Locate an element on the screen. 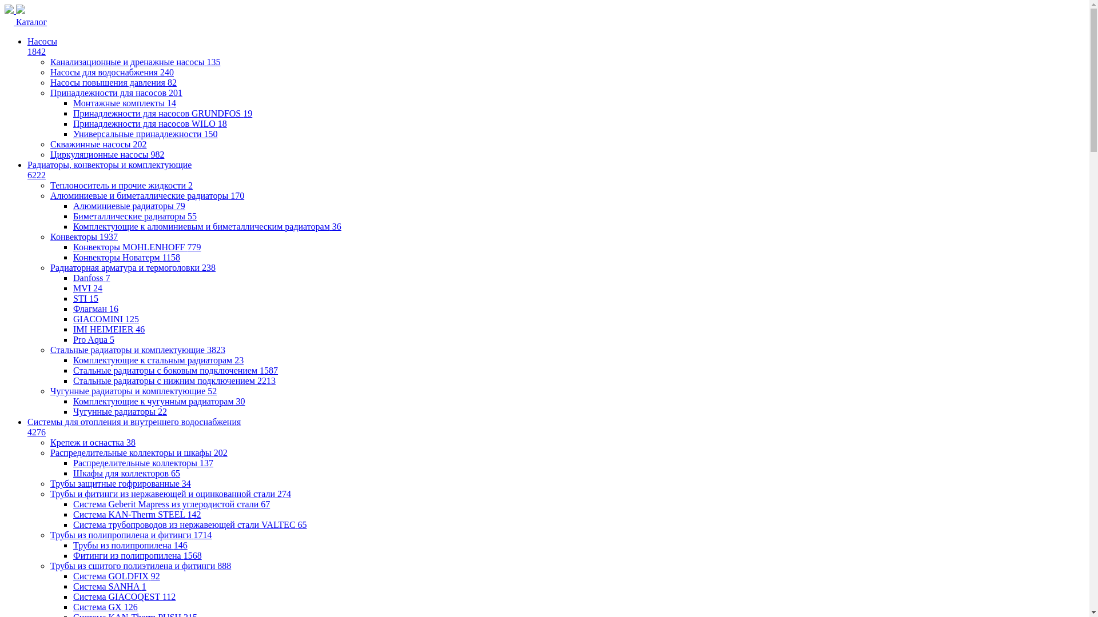 The height and width of the screenshot is (617, 1098). 'GIACOMINI 125' is located at coordinates (106, 319).